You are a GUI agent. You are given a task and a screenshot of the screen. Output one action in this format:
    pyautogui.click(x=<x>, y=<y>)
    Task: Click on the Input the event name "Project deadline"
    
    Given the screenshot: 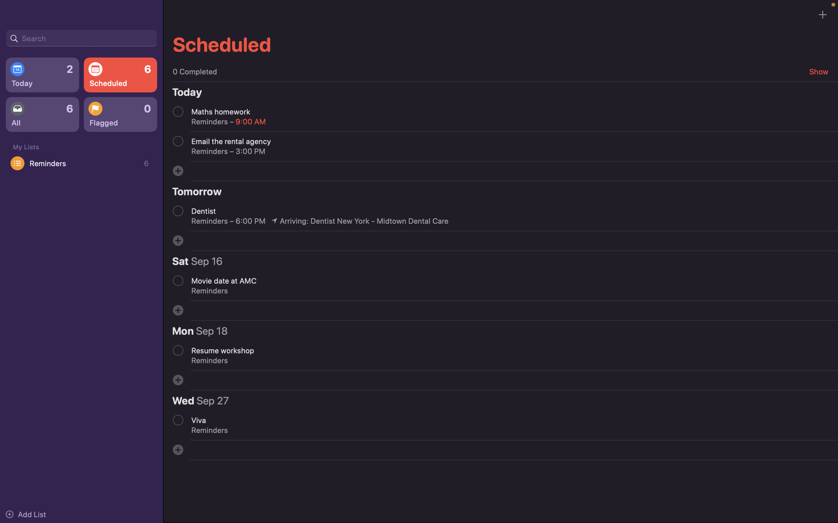 What is the action you would take?
    pyautogui.click(x=178, y=170)
    